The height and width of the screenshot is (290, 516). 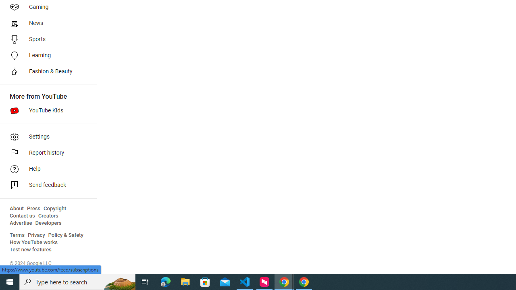 What do you see at coordinates (45, 185) in the screenshot?
I see `'Send feedback'` at bounding box center [45, 185].